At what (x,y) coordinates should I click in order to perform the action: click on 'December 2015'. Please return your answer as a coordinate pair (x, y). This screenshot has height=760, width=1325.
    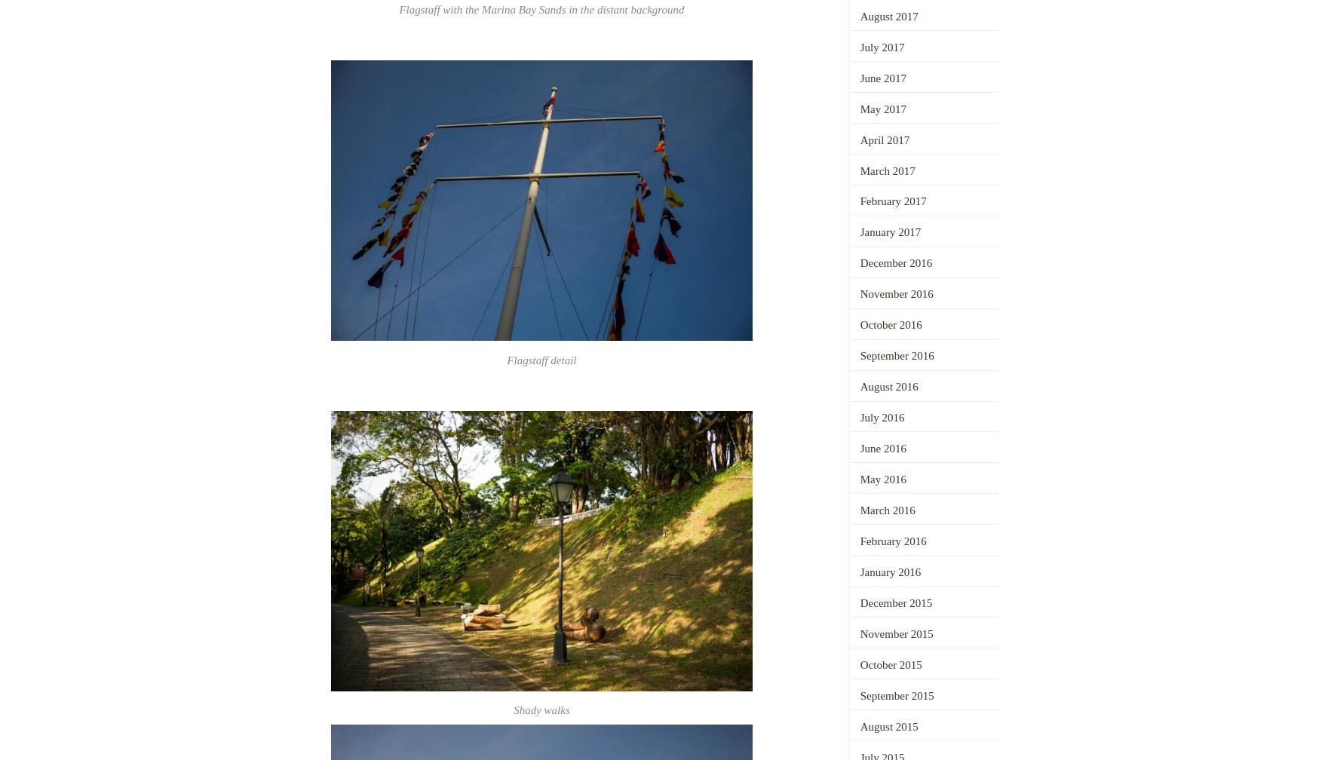
    Looking at the image, I should click on (895, 603).